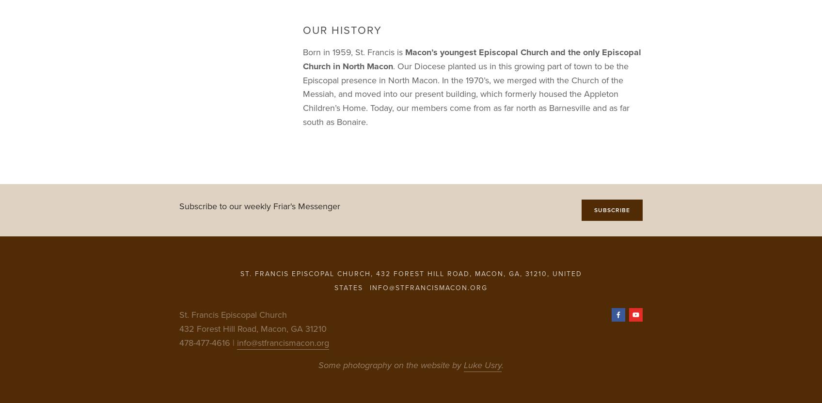  What do you see at coordinates (208, 342) in the screenshot?
I see `'478-477-4616 |'` at bounding box center [208, 342].